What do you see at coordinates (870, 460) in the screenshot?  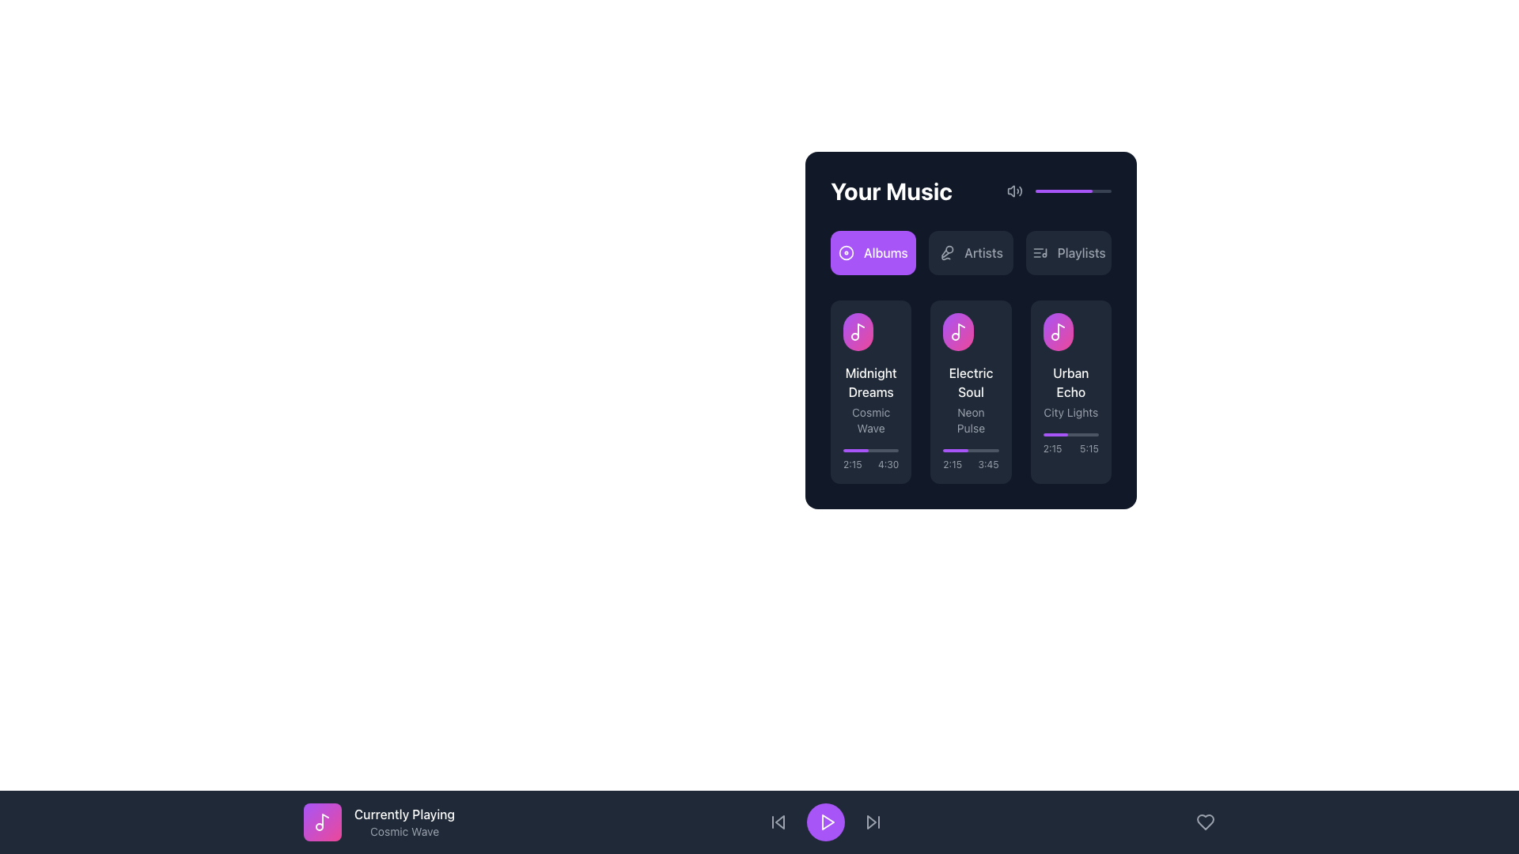 I see `the text display showing the current and total duration of the music track 'Midnight Dreams' located under the purple progress bar in the 'Albums' section of the 'Your Music' interface` at bounding box center [870, 460].